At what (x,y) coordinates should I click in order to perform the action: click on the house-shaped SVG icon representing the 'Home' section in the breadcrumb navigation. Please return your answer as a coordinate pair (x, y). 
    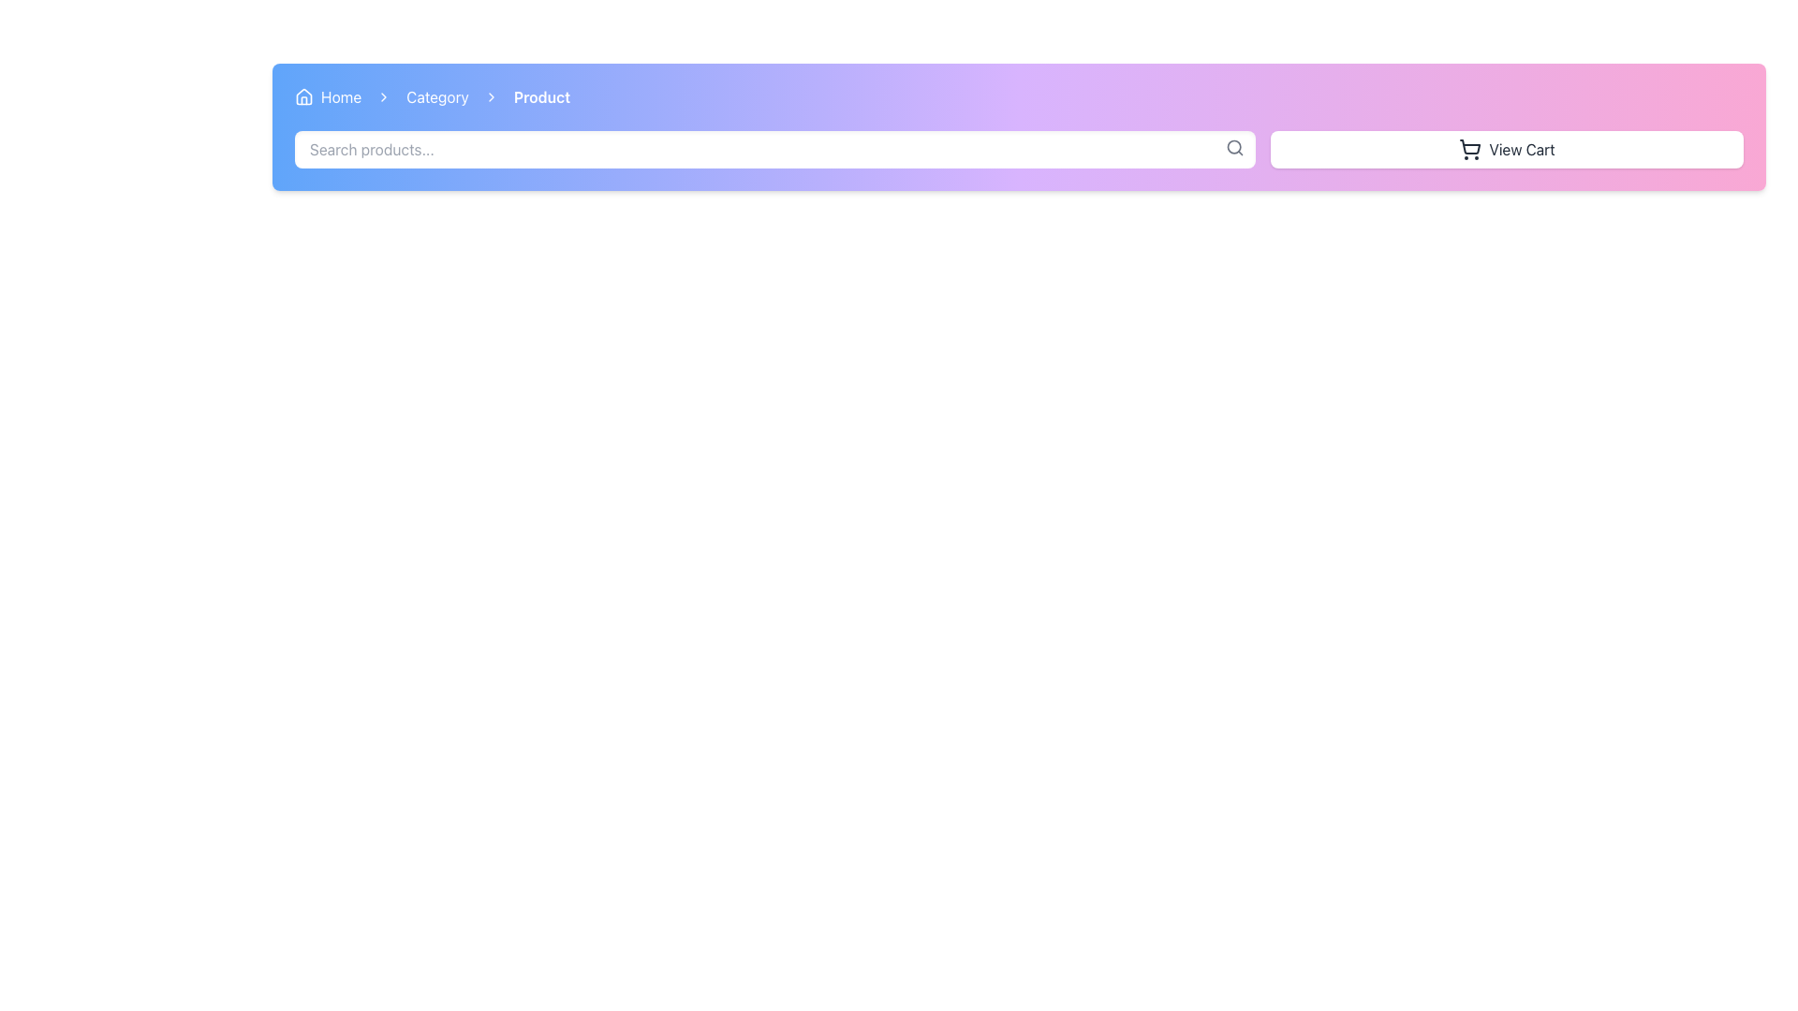
    Looking at the image, I should click on (304, 97).